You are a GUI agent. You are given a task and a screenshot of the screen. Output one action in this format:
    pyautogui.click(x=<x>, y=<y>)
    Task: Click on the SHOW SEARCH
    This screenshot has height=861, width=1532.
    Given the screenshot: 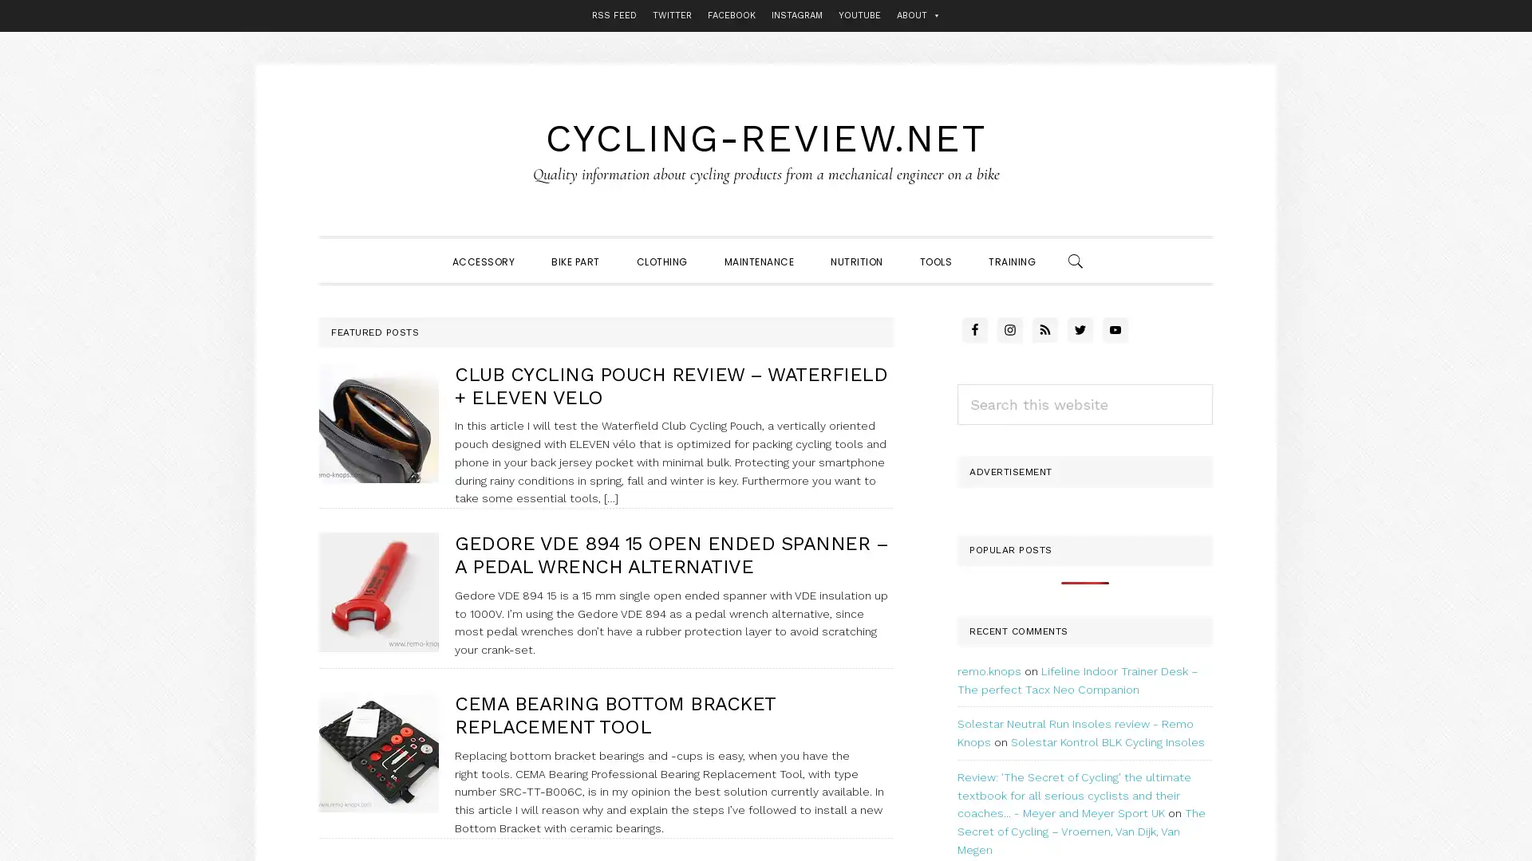 What is the action you would take?
    pyautogui.click(x=1076, y=259)
    